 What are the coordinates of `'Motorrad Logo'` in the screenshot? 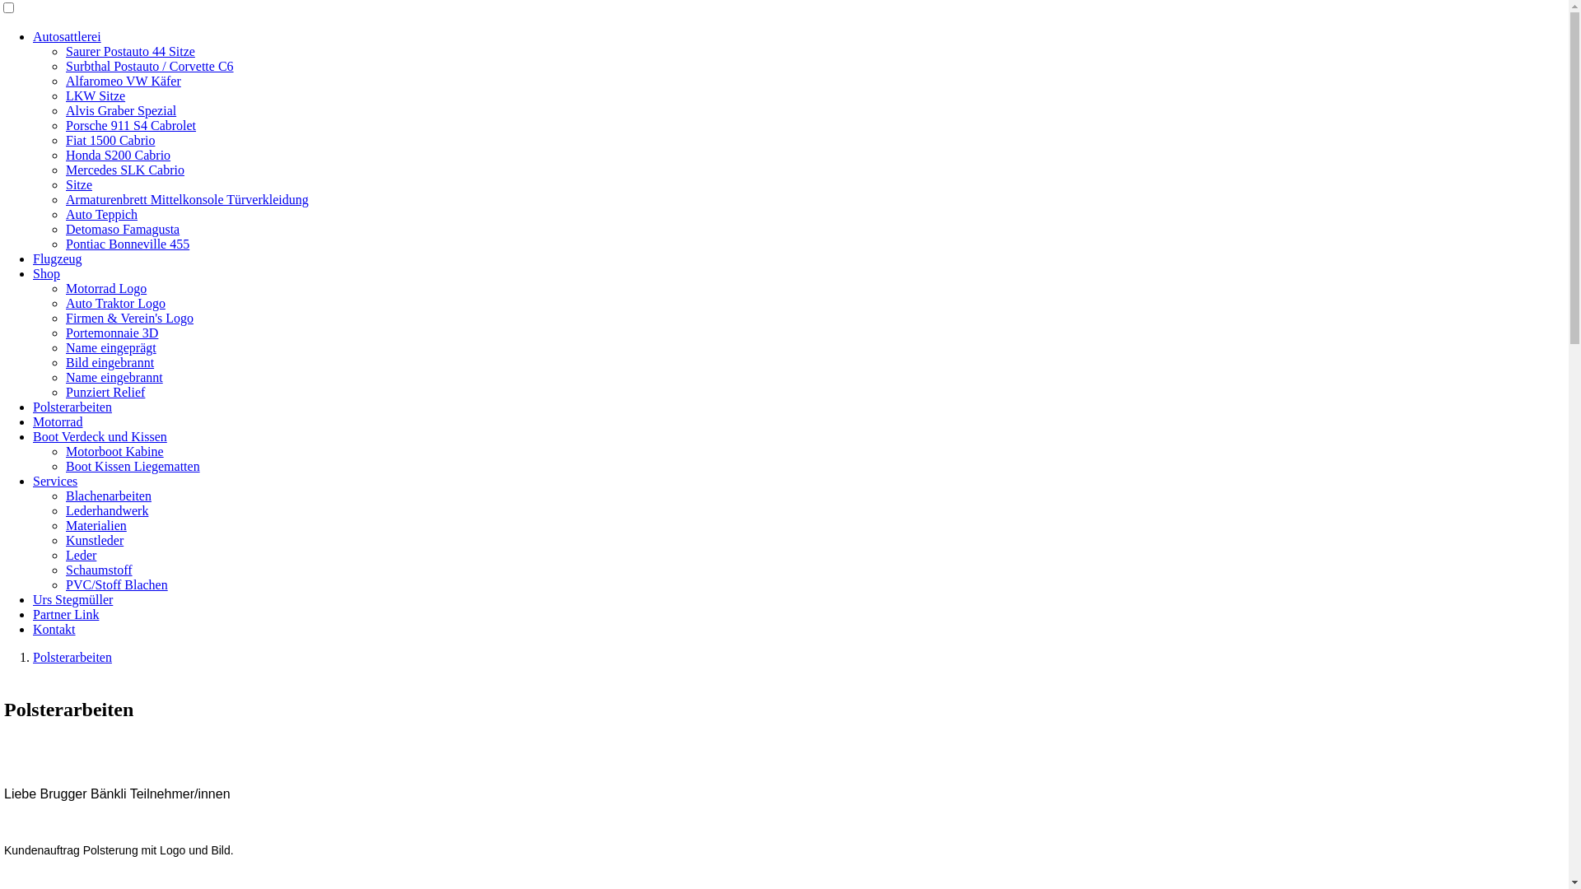 It's located at (105, 287).